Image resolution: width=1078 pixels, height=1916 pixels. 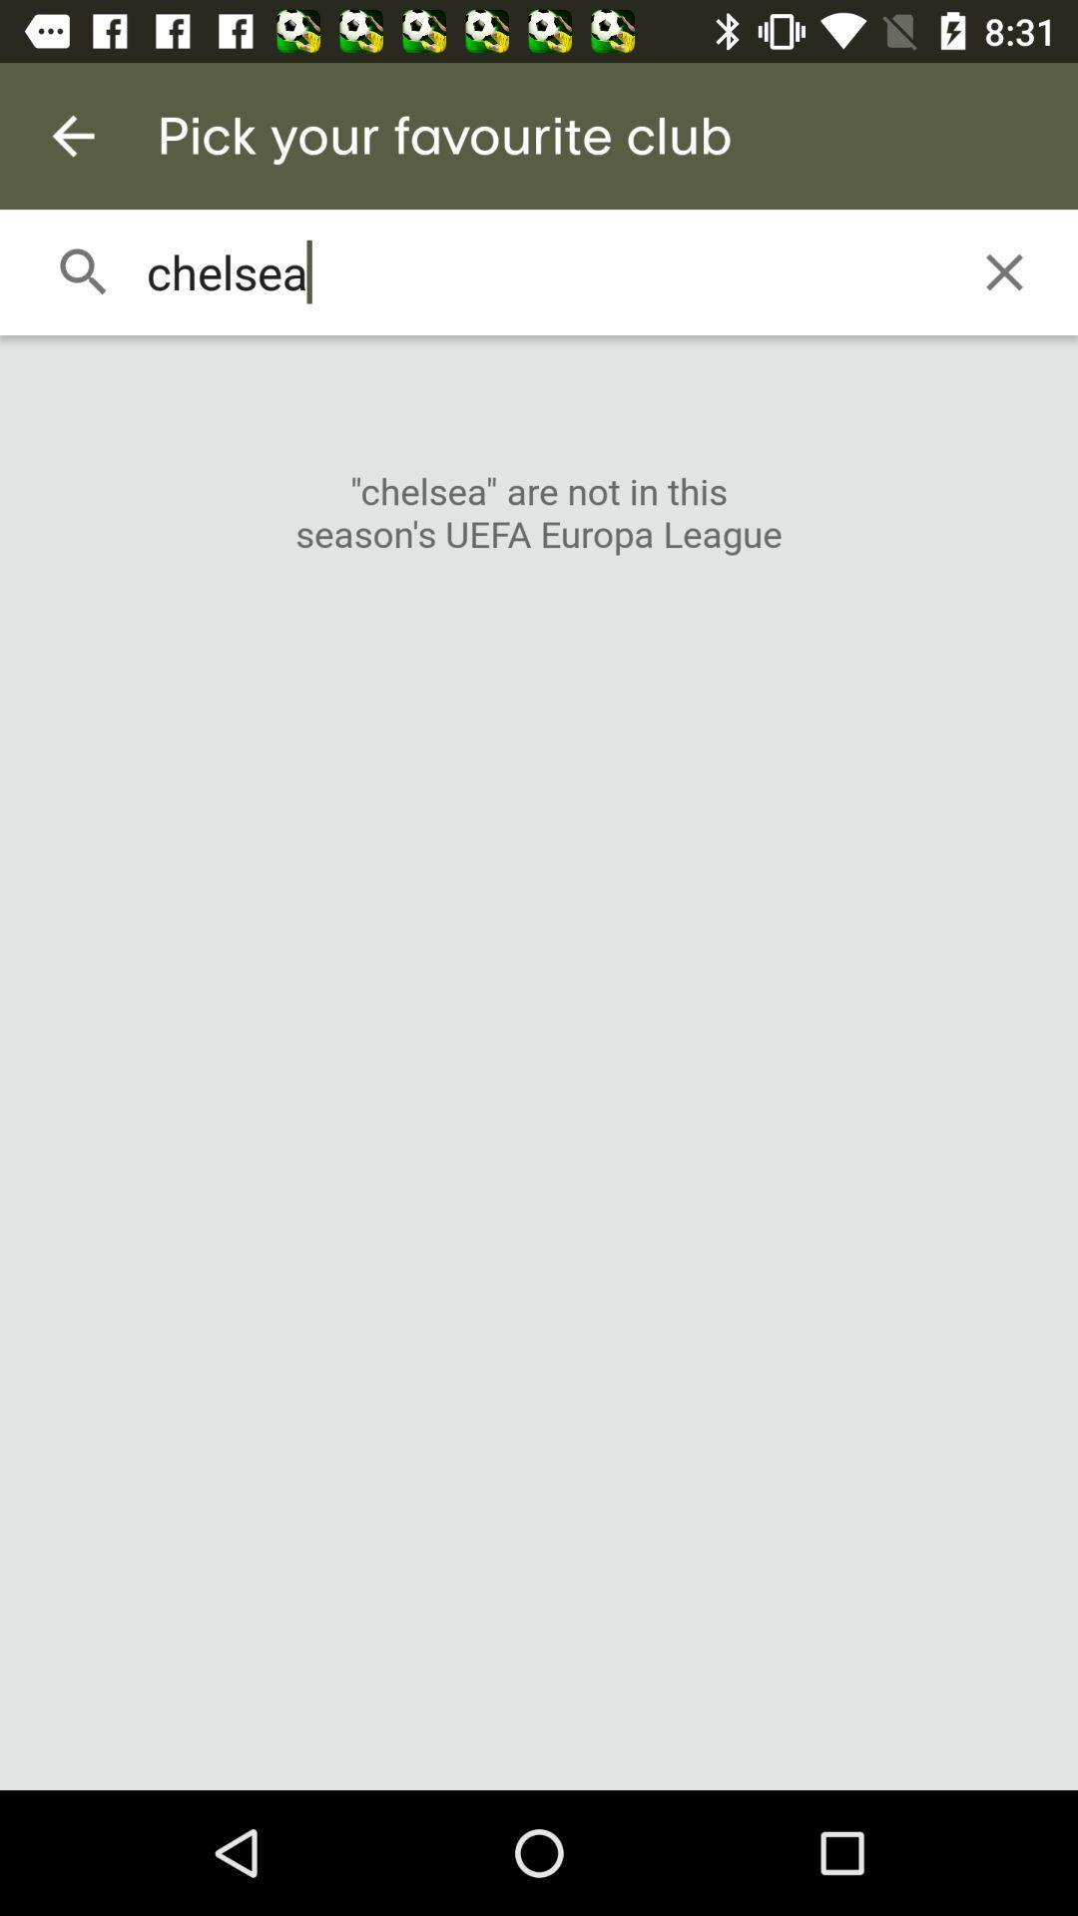 What do you see at coordinates (1004, 271) in the screenshot?
I see `item at the top right corner` at bounding box center [1004, 271].